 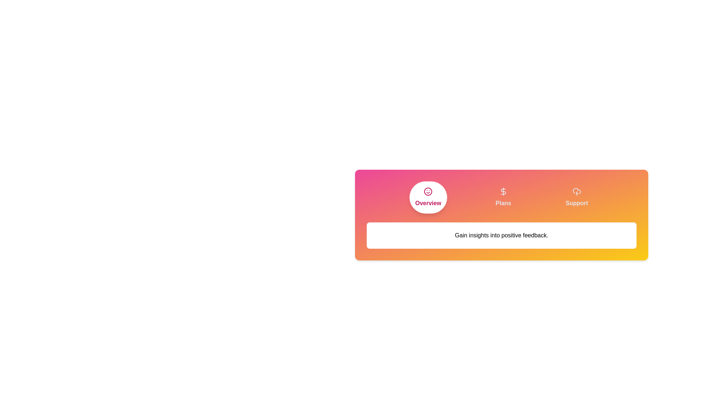 What do you see at coordinates (576, 197) in the screenshot?
I see `the Support tab` at bounding box center [576, 197].